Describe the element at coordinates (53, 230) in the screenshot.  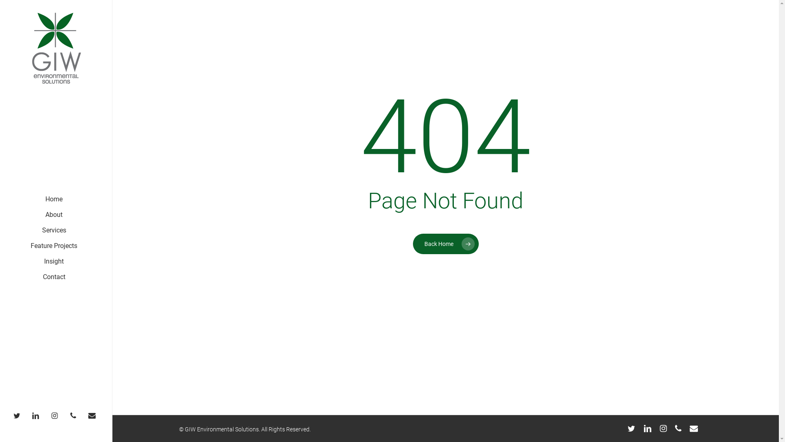
I see `'Services'` at that location.